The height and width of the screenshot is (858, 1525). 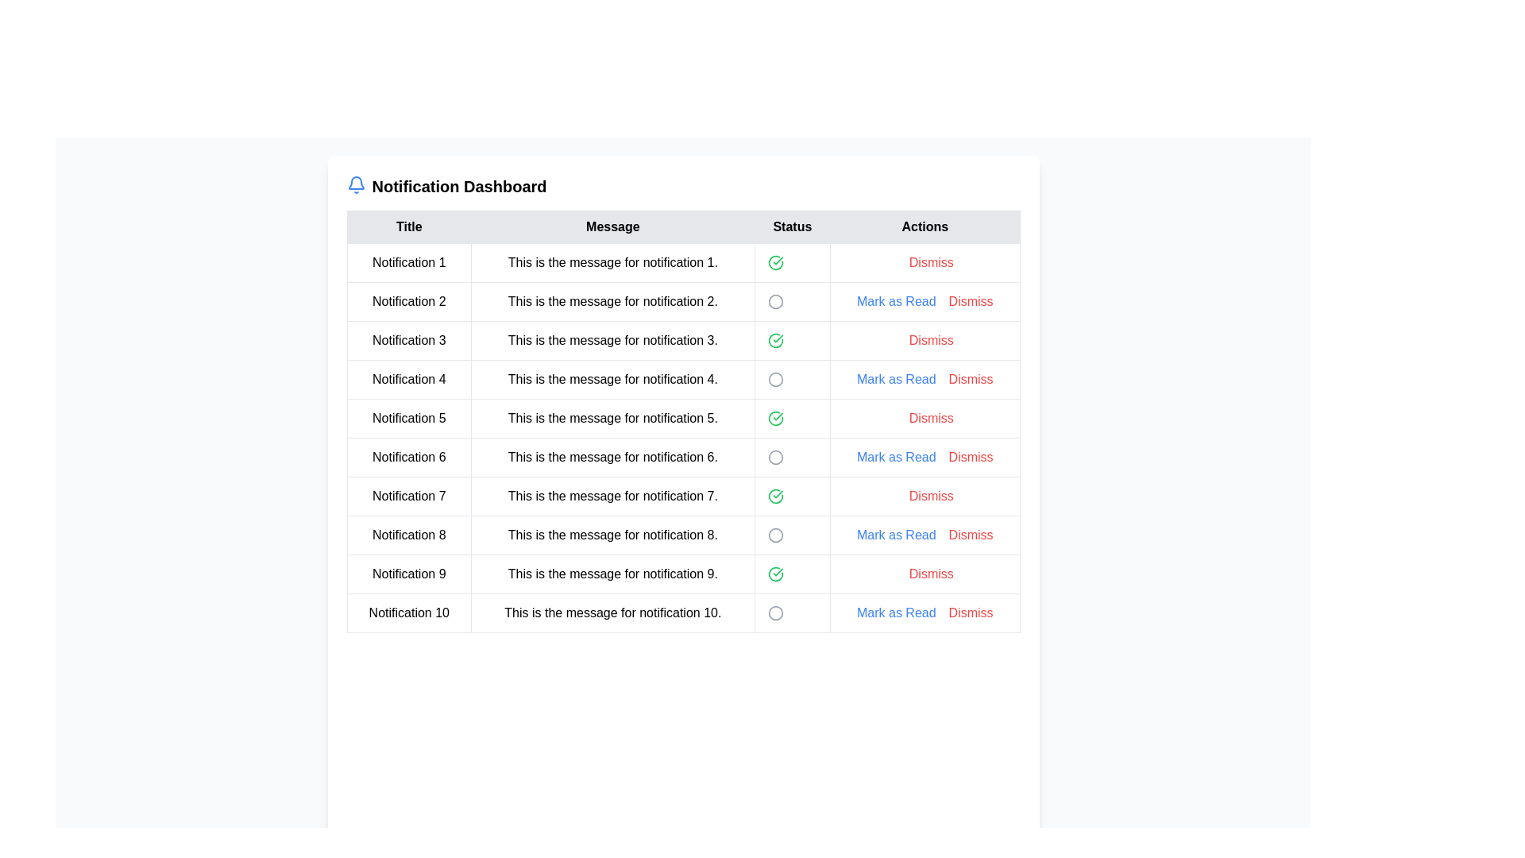 I want to click on the fourth circular SVG icon in the 'Status' column of the row corresponding to 'Notification 4', so click(x=775, y=380).